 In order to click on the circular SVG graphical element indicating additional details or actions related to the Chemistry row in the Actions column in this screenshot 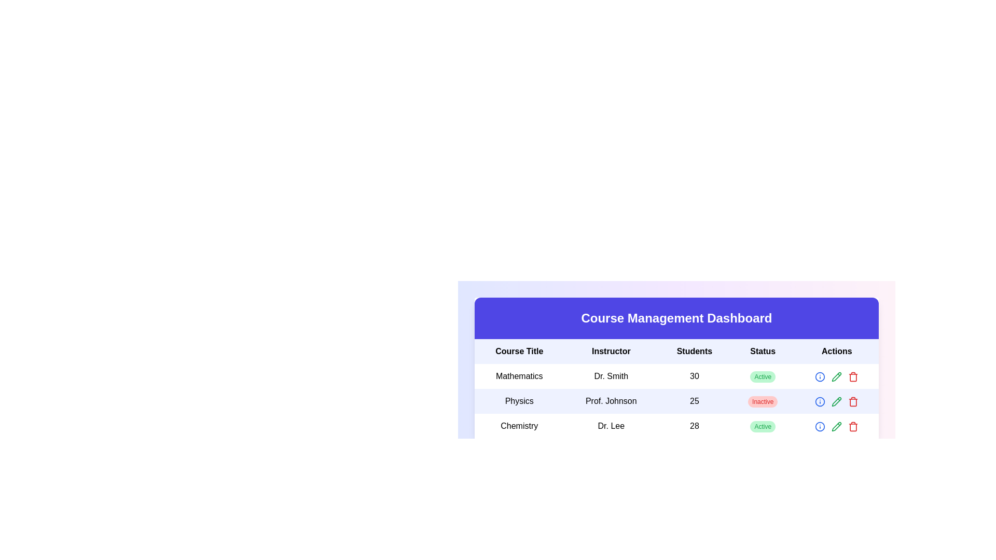, I will do `click(820, 426)`.